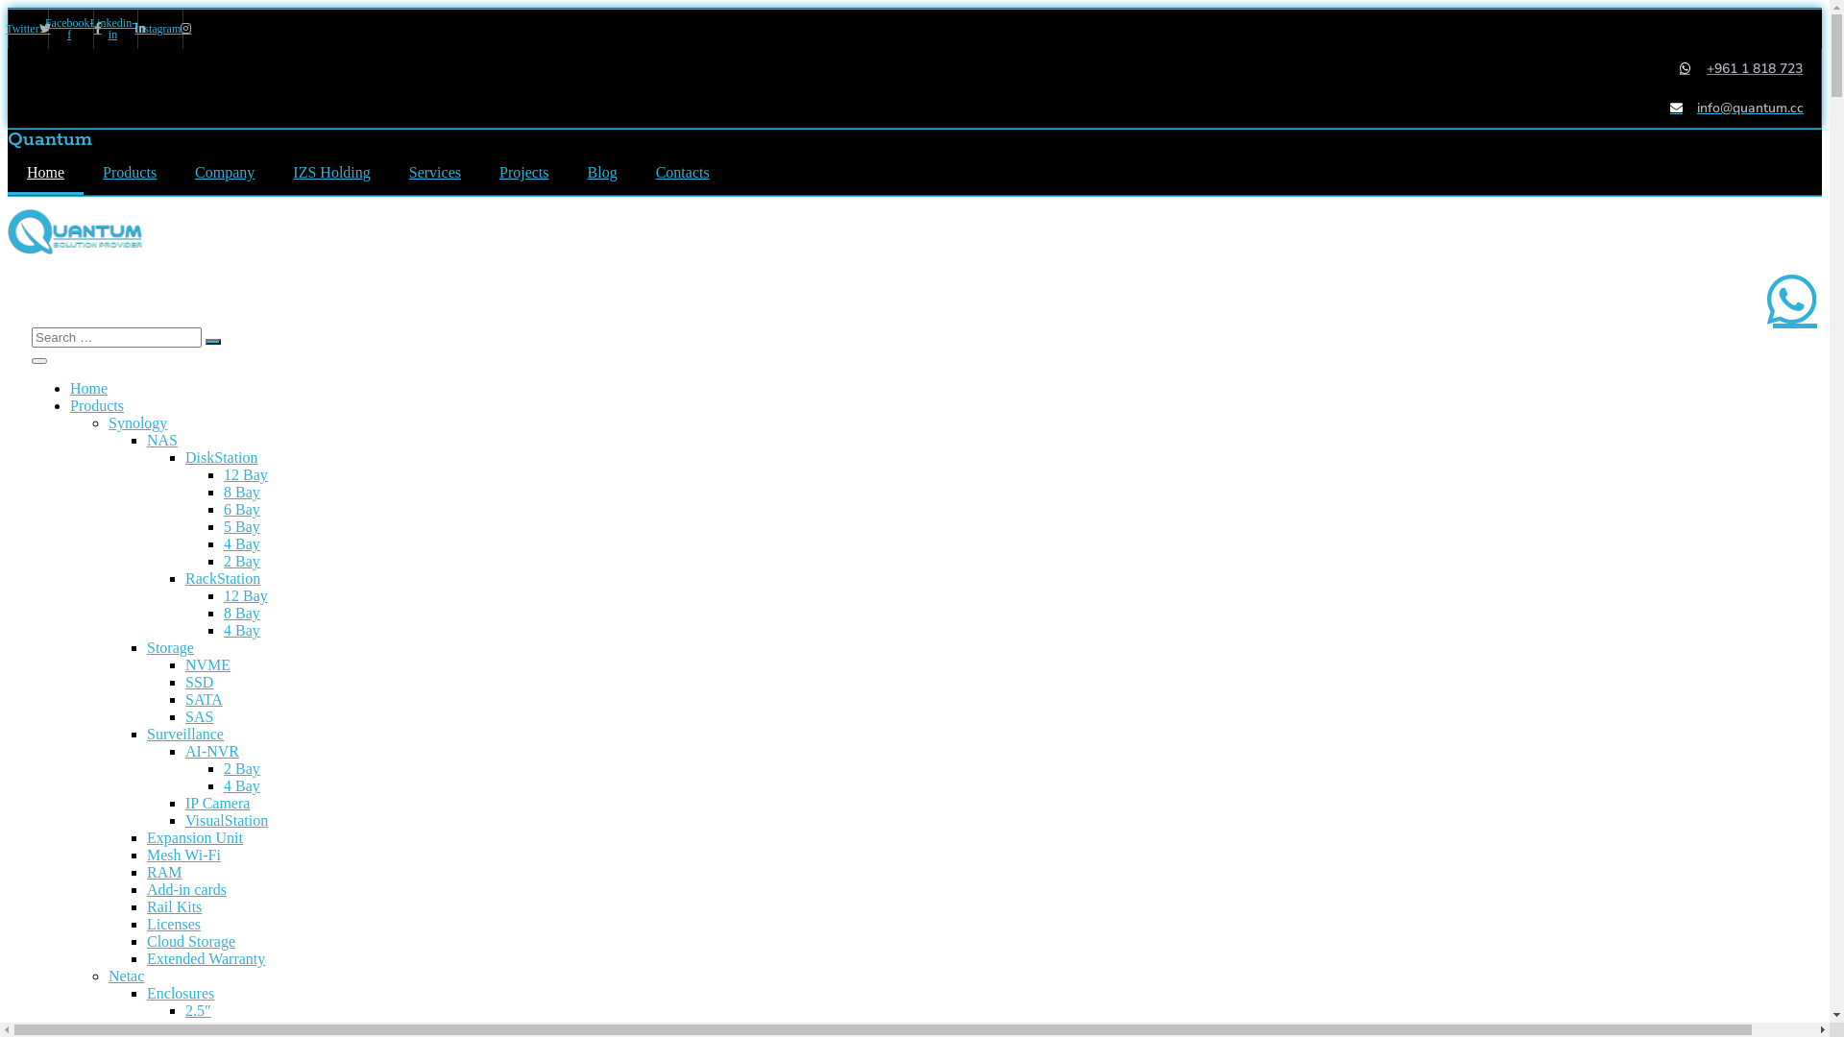  Describe the element at coordinates (241, 526) in the screenshot. I see `'5 Bay'` at that location.